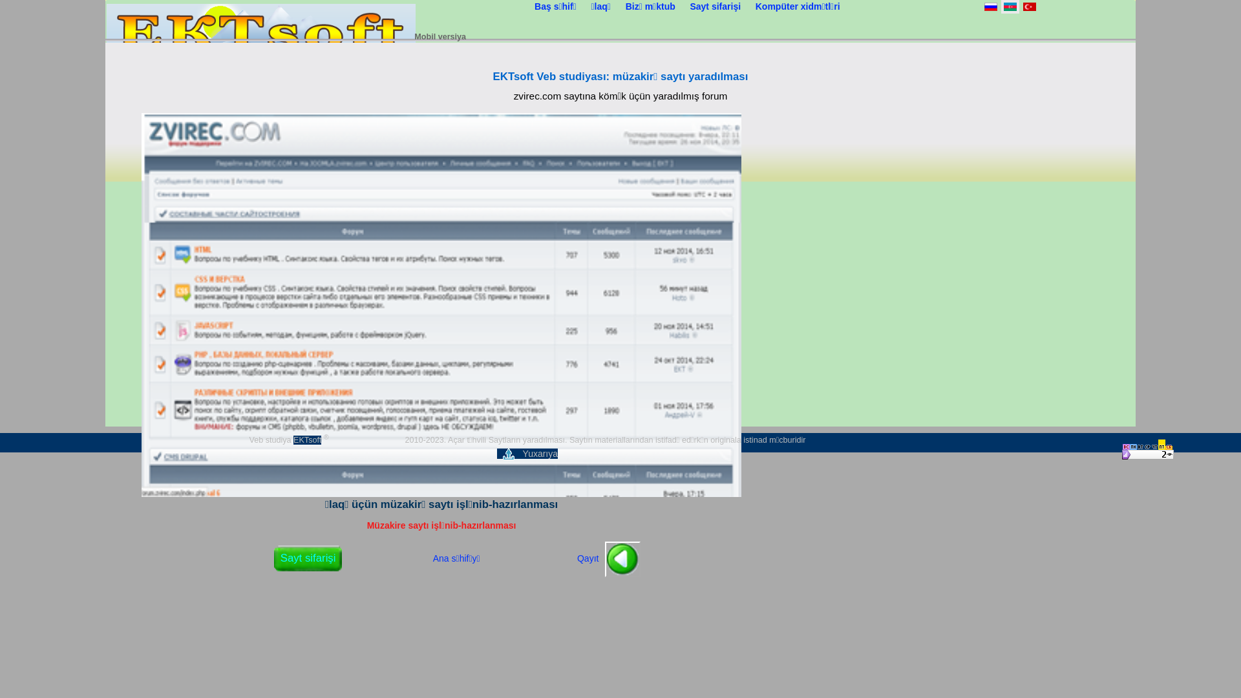 The height and width of the screenshot is (698, 1241). I want to click on 'Mobil versiya', so click(414, 36).